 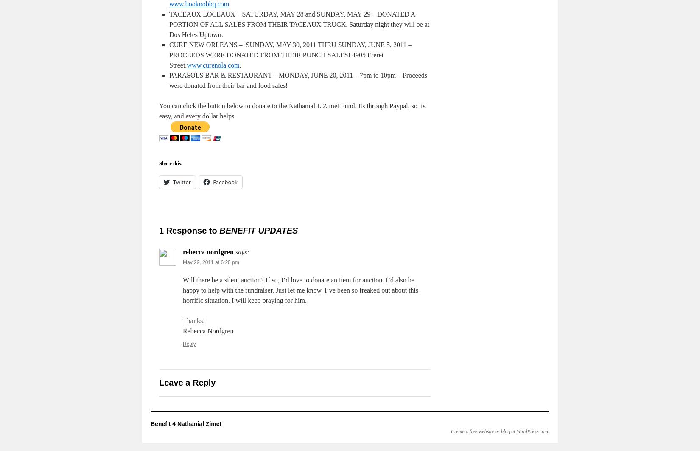 What do you see at coordinates (182, 262) in the screenshot?
I see `'May 29, 2011 at 6:20 pm'` at bounding box center [182, 262].